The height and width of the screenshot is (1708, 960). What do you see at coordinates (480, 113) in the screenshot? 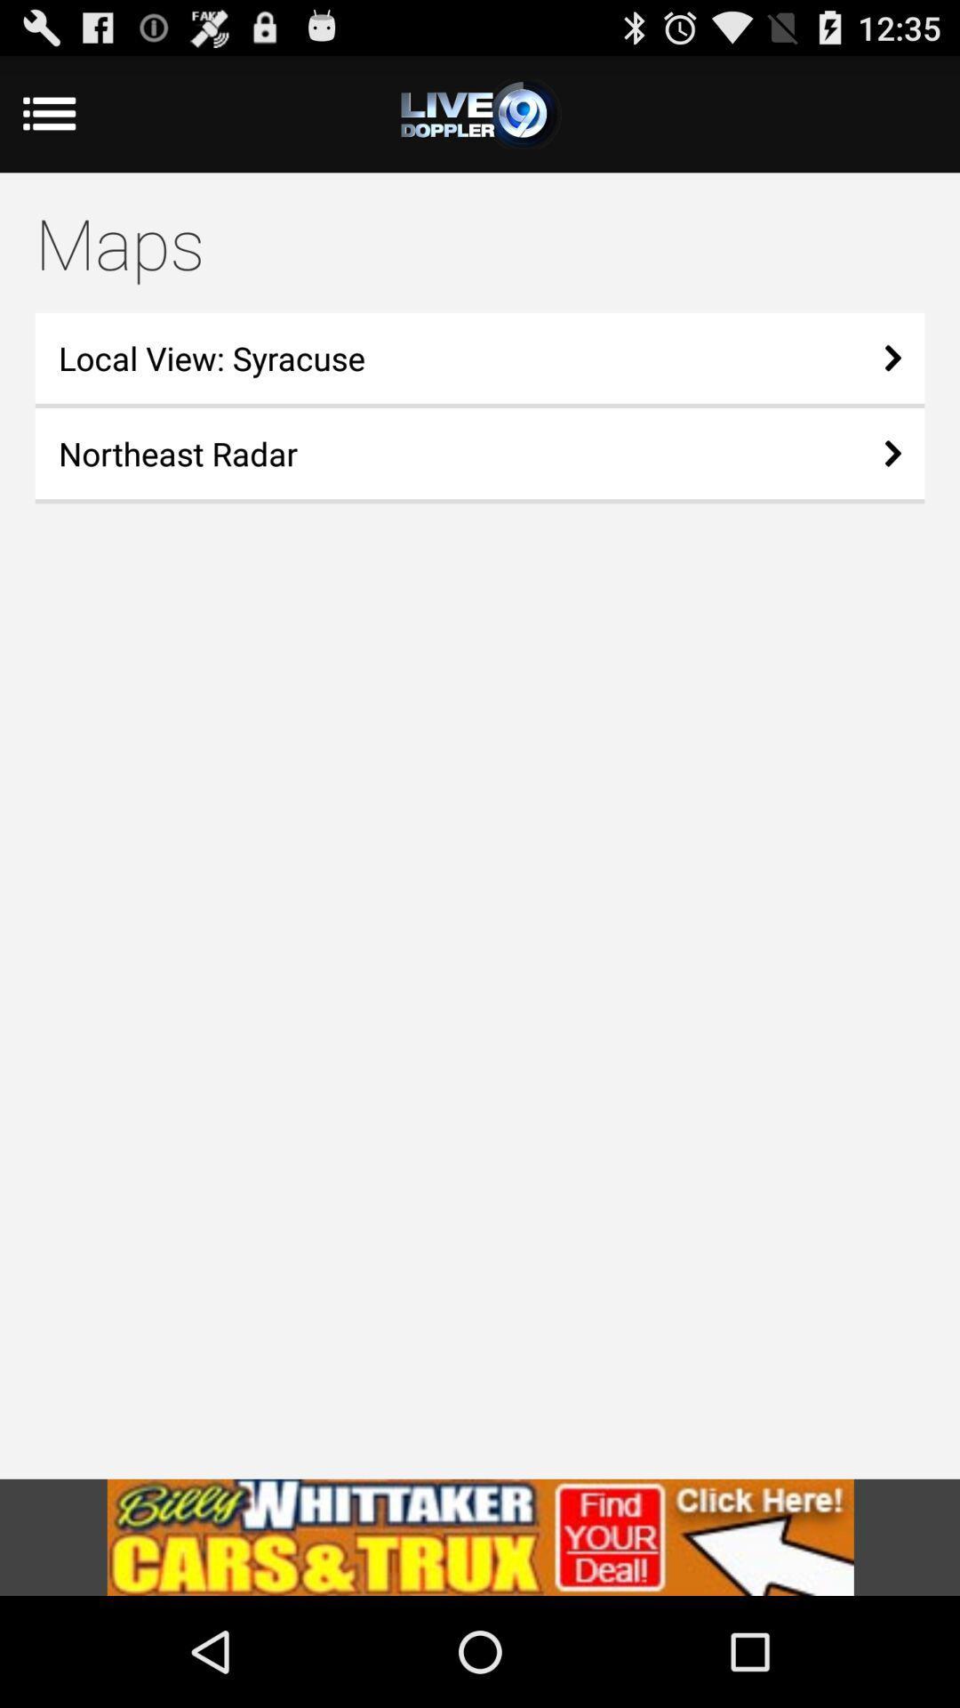
I see `the item above the maps icon` at bounding box center [480, 113].